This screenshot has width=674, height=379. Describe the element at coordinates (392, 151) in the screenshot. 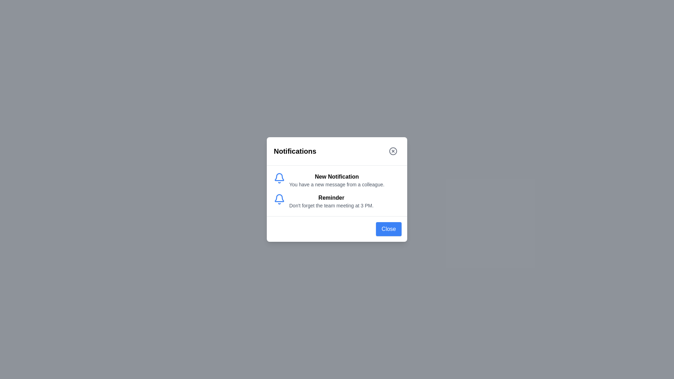

I see `the circular icon button with a cross inside, located at the top-right corner of the modal dialog` at that location.